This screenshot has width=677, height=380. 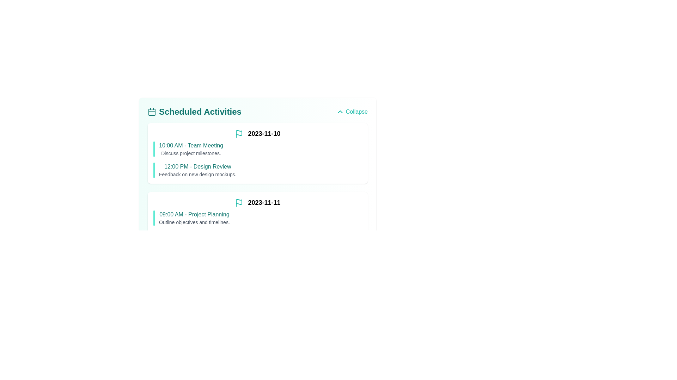 What do you see at coordinates (191, 145) in the screenshot?
I see `the text element displaying '10:00 AM - Team Meeting' for accessibility purposes` at bounding box center [191, 145].